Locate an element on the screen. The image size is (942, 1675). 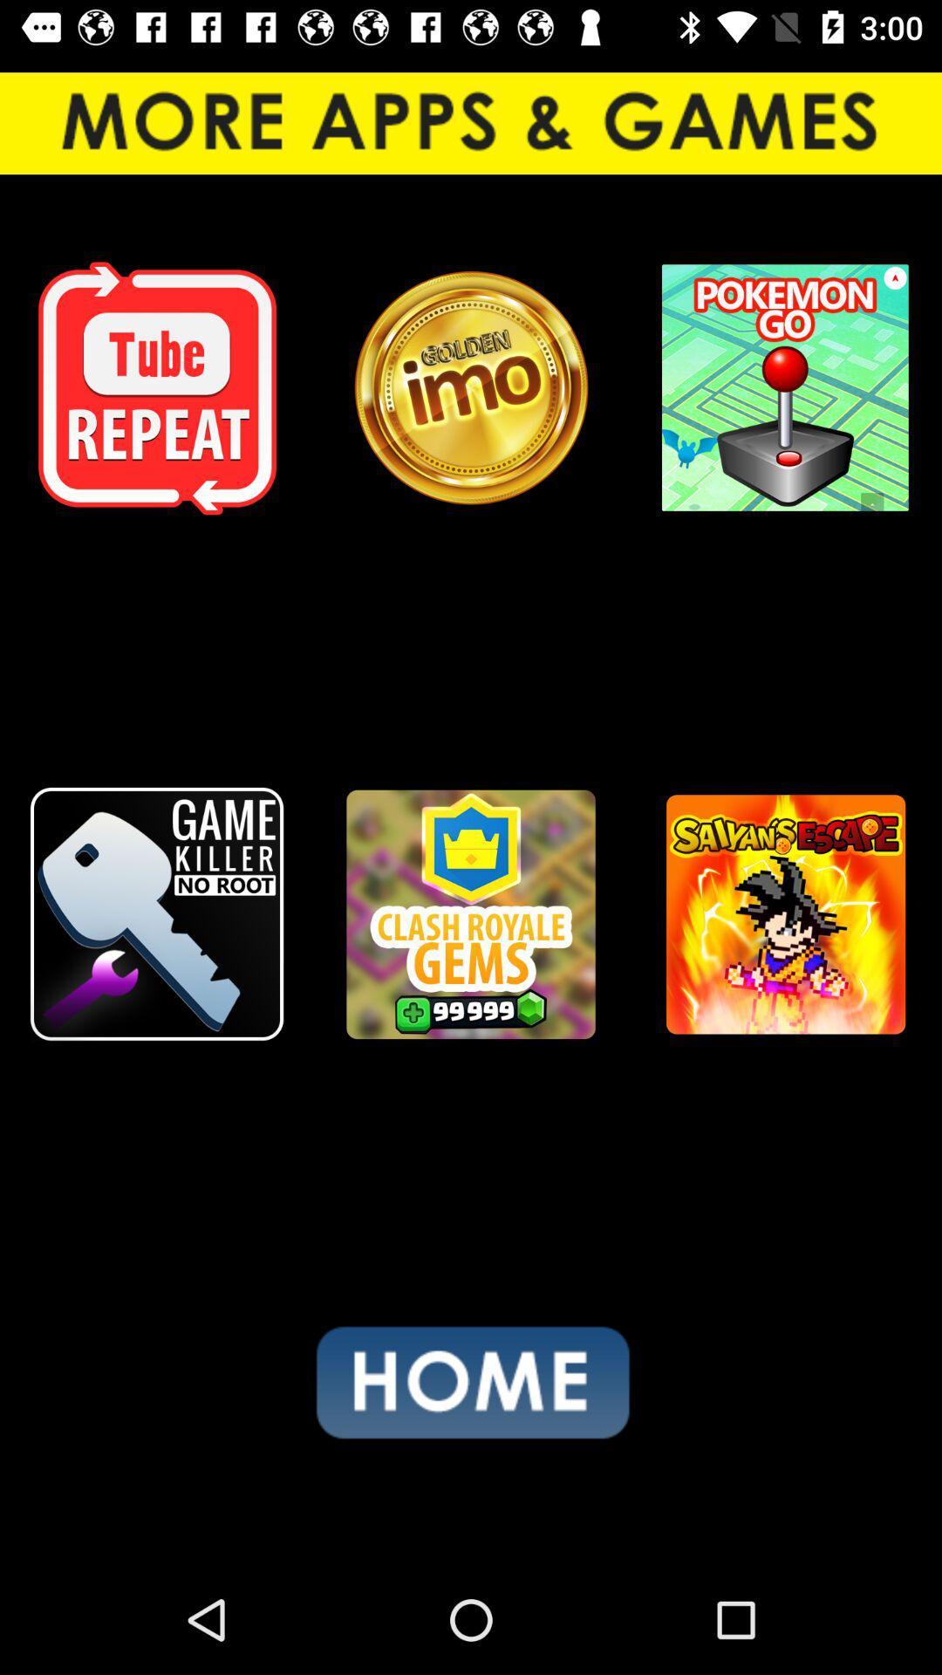
app is located at coordinates (157, 387).